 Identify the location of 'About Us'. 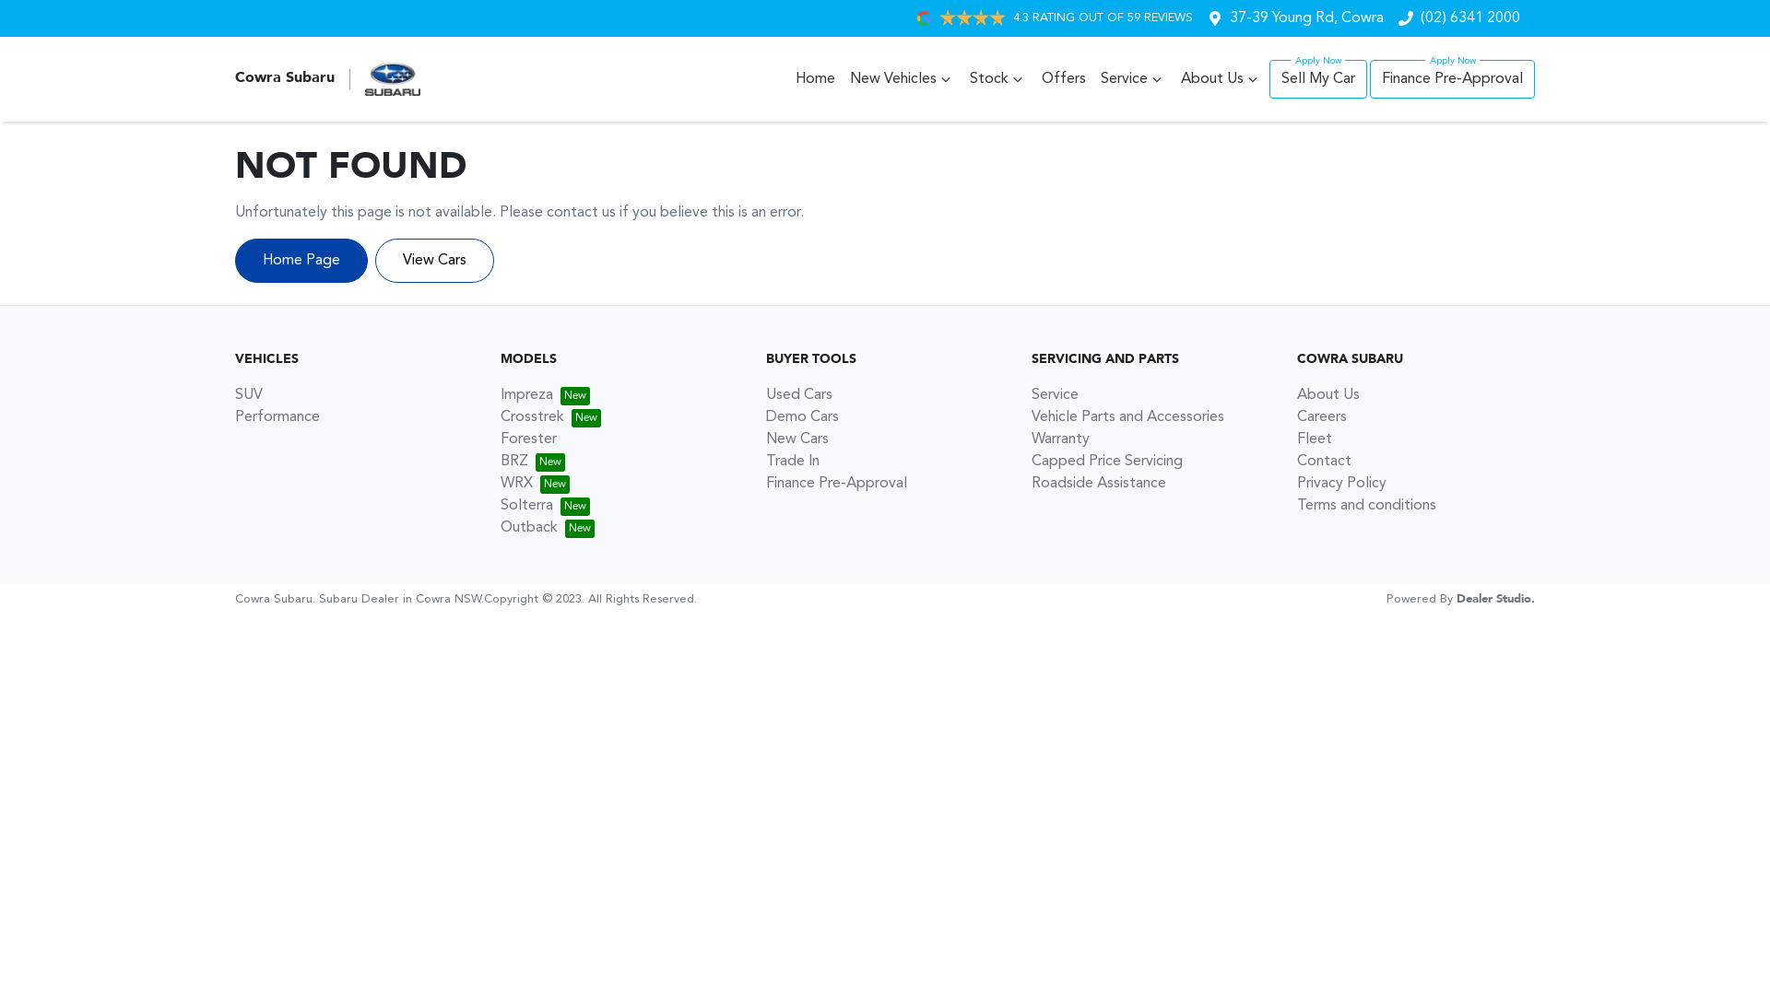
(1327, 393).